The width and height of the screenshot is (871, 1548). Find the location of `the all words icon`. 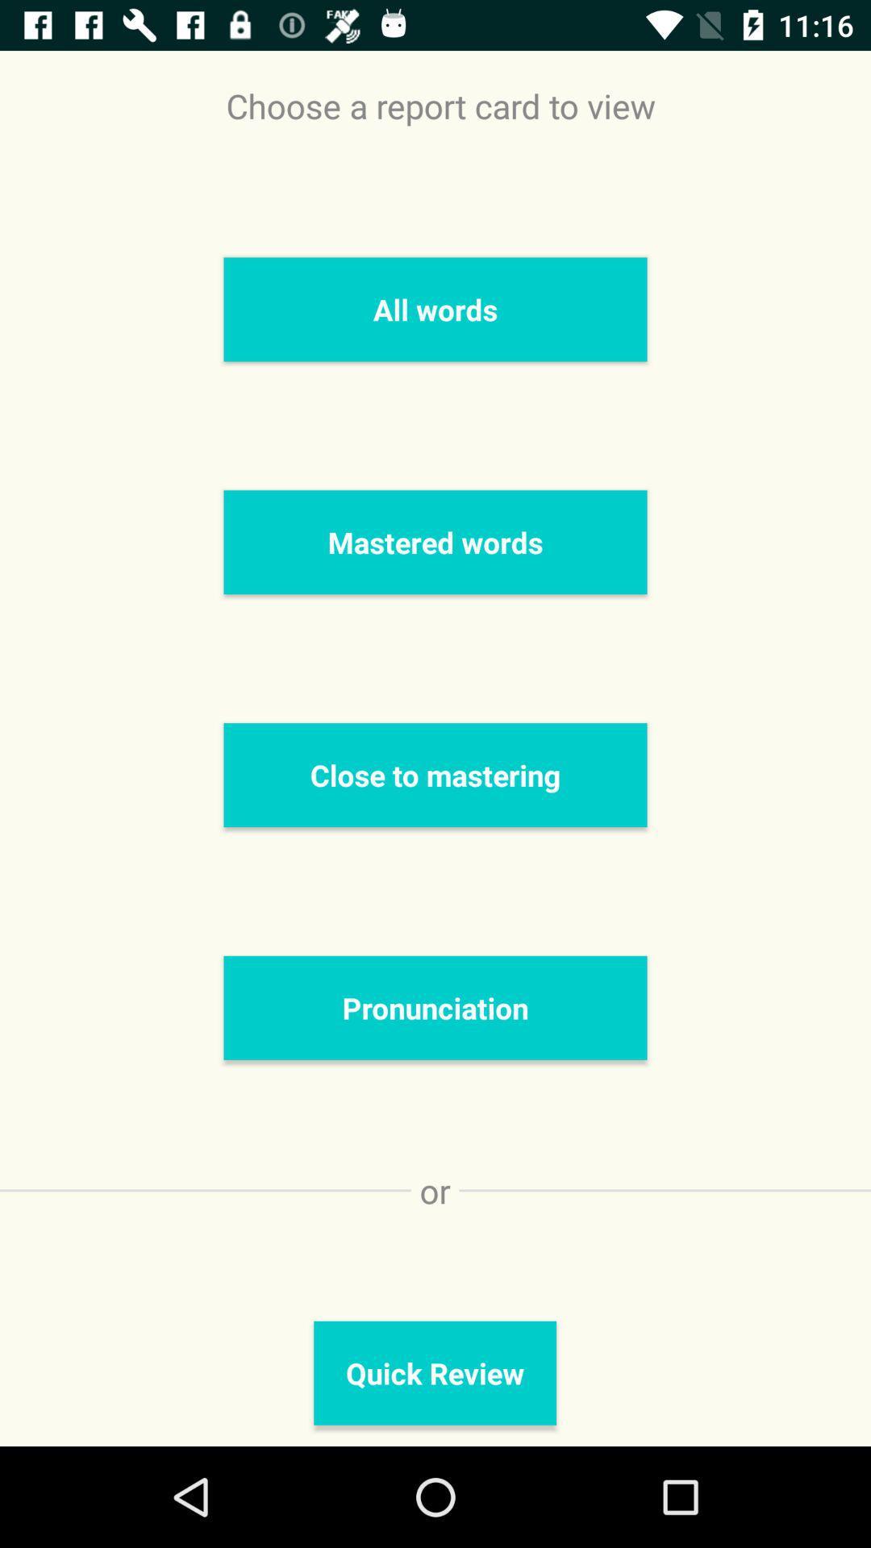

the all words icon is located at coordinates (435, 310).